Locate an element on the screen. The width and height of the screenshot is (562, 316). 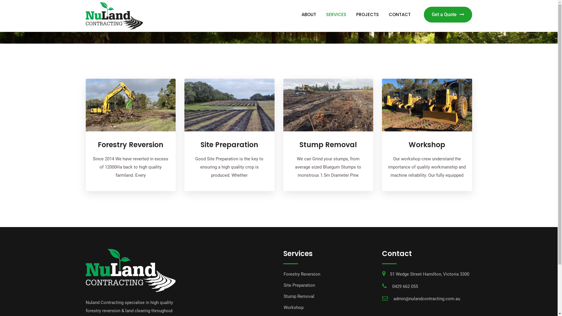
'PROJECTS' is located at coordinates (367, 14).